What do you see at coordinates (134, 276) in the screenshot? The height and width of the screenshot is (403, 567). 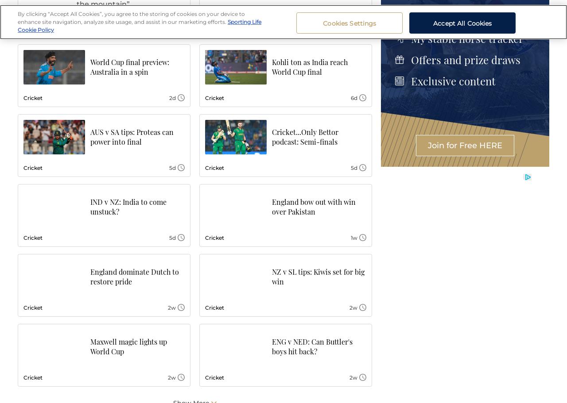 I see `'England dominate Dutch to restore pride'` at bounding box center [134, 276].